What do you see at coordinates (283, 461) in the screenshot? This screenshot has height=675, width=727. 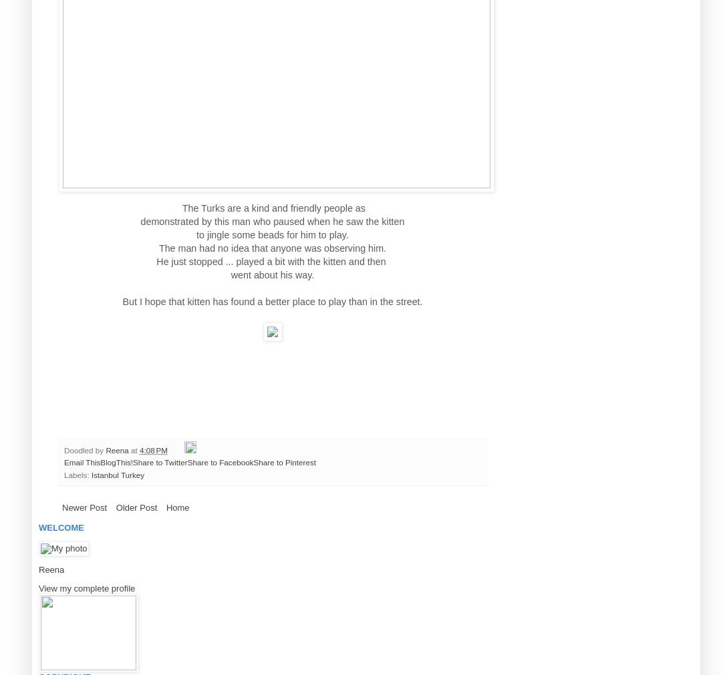 I see `'Share to Pinterest'` at bounding box center [283, 461].